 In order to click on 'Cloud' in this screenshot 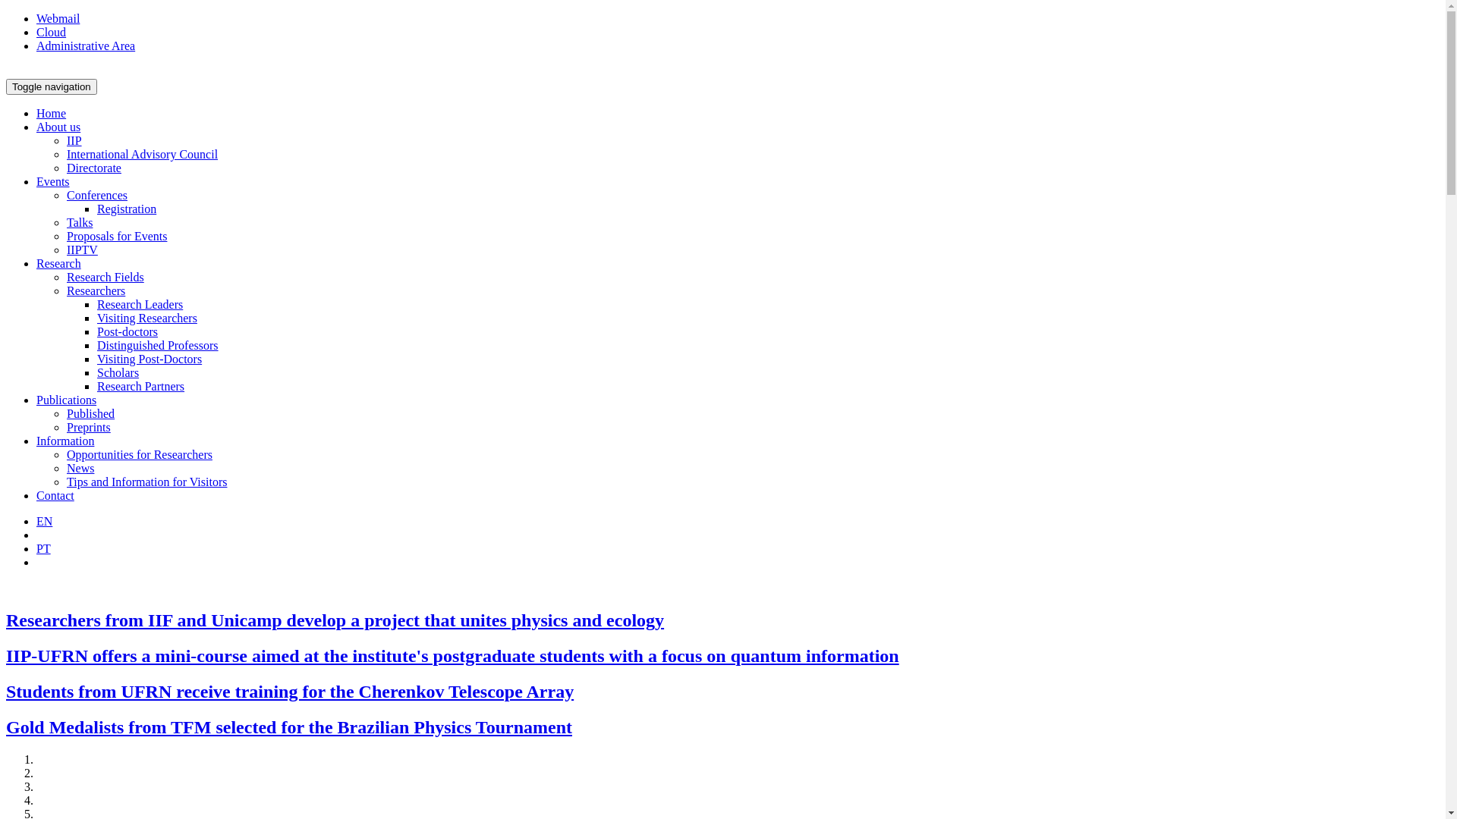, I will do `click(51, 32)`.